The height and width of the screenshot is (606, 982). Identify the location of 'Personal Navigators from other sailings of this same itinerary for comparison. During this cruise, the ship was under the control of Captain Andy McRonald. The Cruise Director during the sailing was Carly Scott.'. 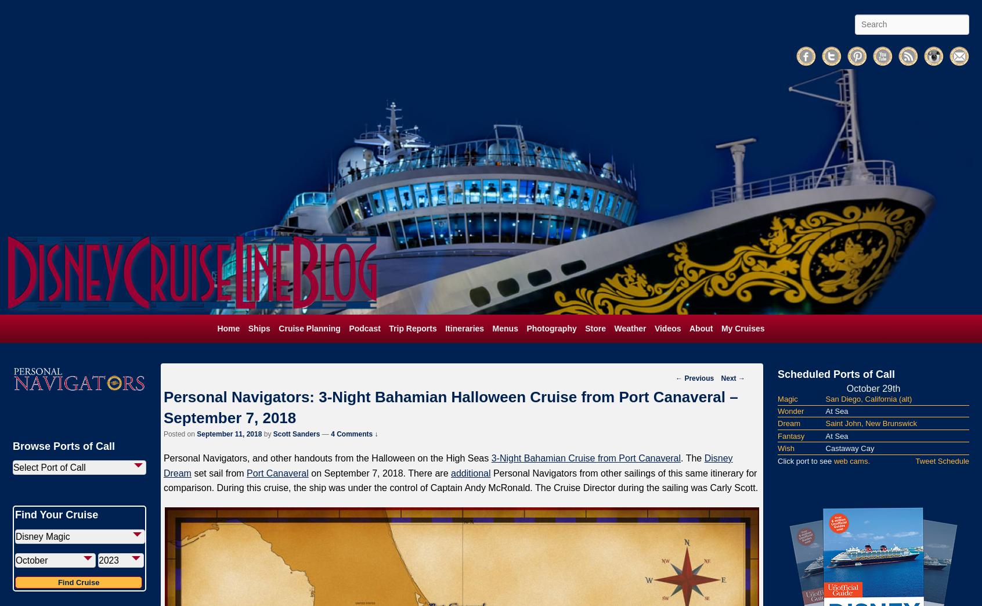
(163, 479).